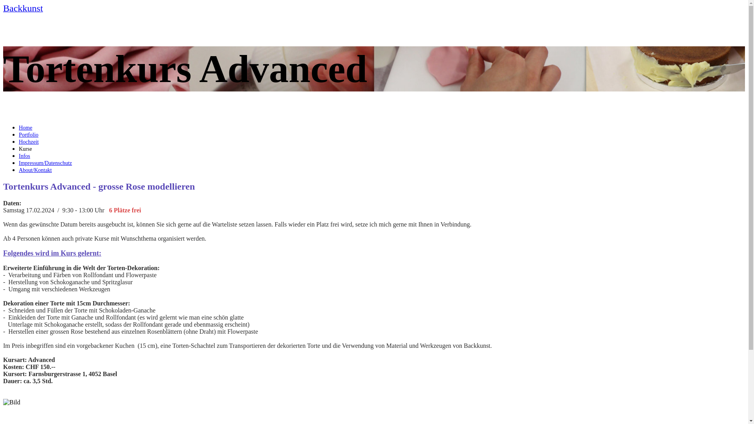 This screenshot has height=424, width=754. Describe the element at coordinates (45, 163) in the screenshot. I see `'Impressum/Datenschutz'` at that location.